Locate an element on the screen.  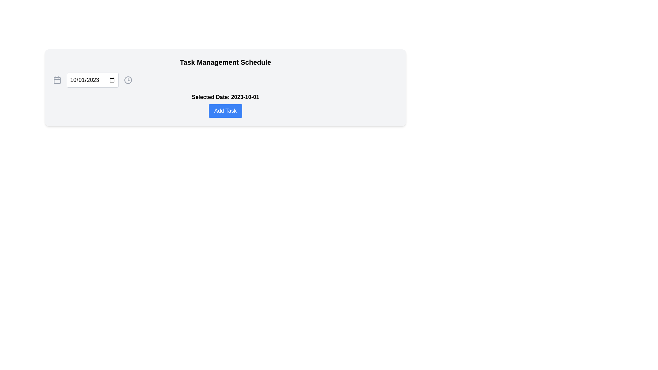
the Static Text Element that serves as the title of the Task Management Schedule section is located at coordinates (225, 62).